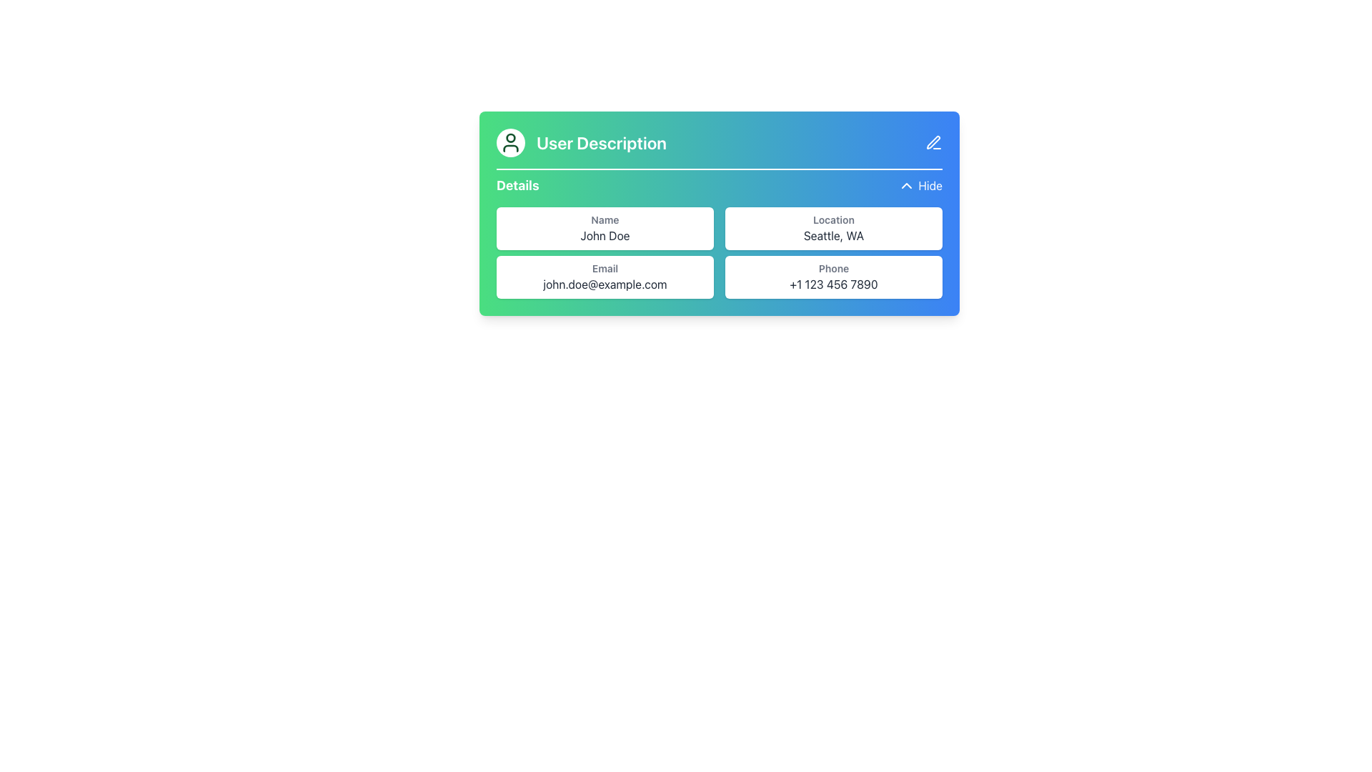  Describe the element at coordinates (933, 142) in the screenshot. I see `the editing icon located in the top-right corner of the colored panel` at that location.